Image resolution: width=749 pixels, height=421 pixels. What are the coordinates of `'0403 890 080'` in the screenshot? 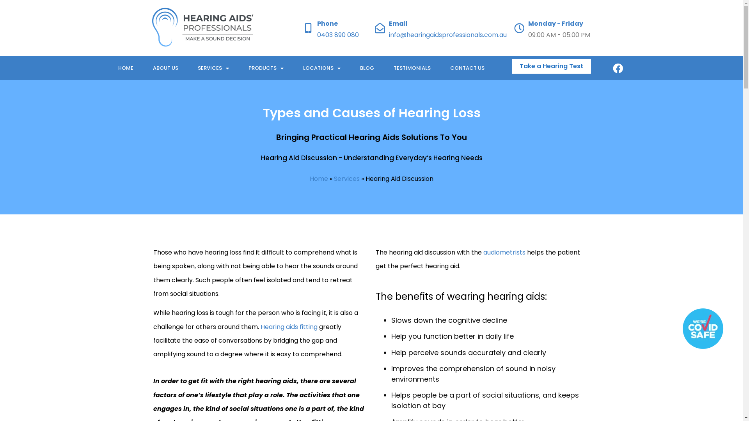 It's located at (337, 34).